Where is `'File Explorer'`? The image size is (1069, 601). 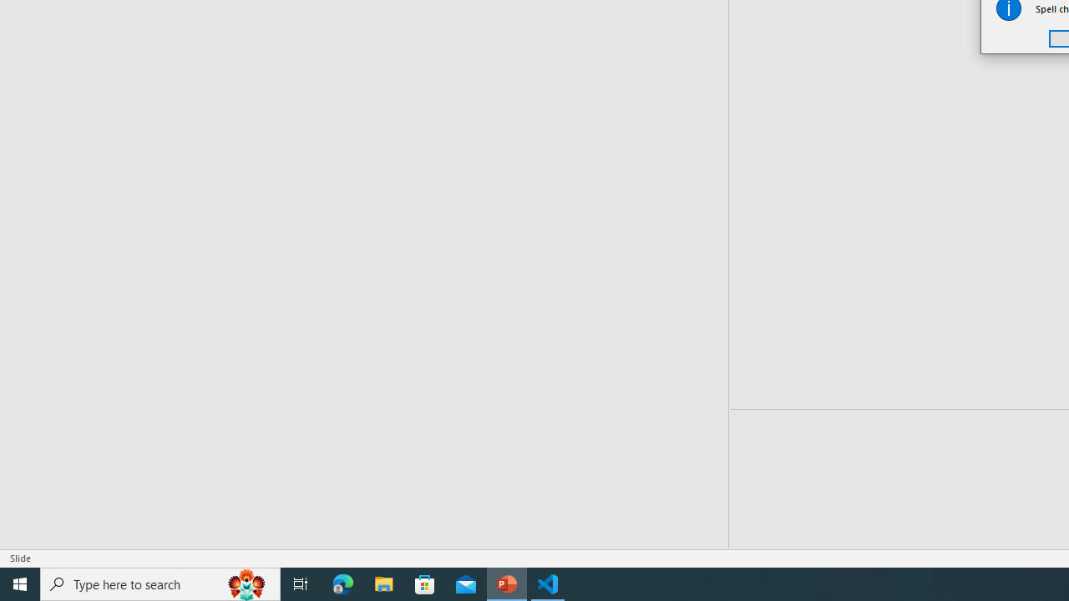 'File Explorer' is located at coordinates (383, 583).